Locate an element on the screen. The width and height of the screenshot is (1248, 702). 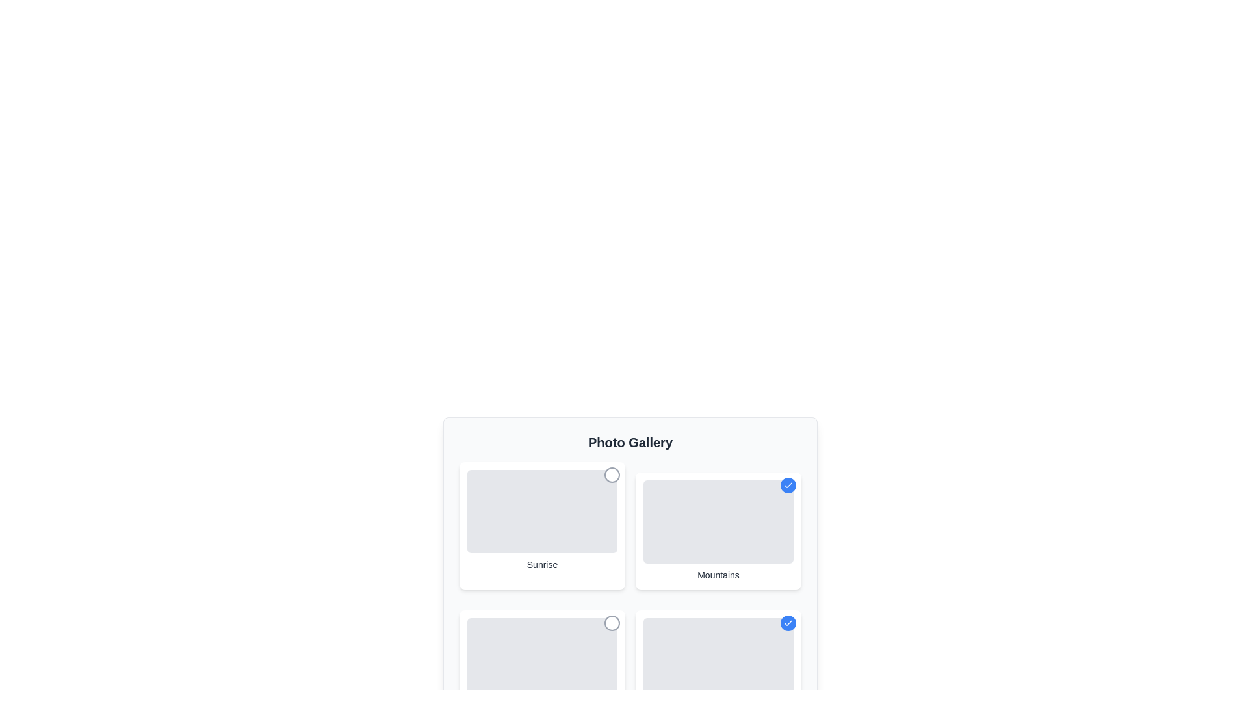
the photo labeled Mountains is located at coordinates (788, 486).